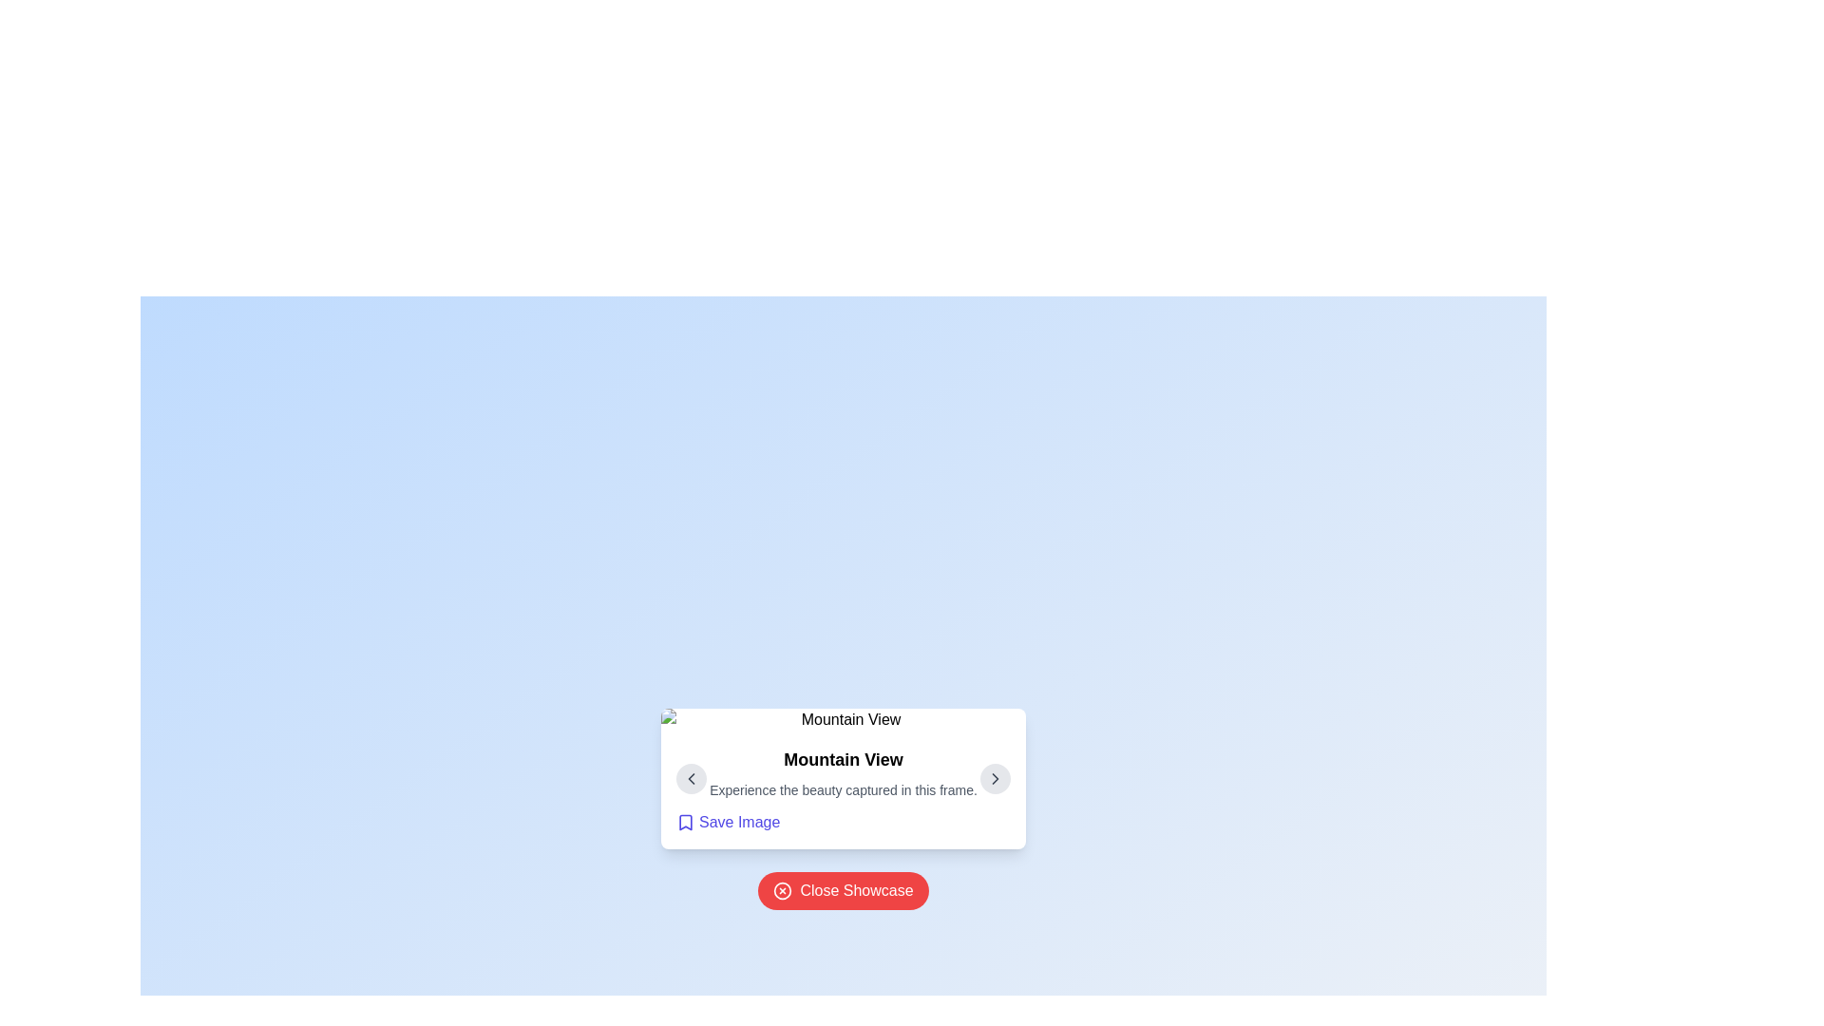 The height and width of the screenshot is (1026, 1824). What do you see at coordinates (994, 779) in the screenshot?
I see `the Chevron Right icon located within a circular button on the right side of the card layout near the title 'Mountain View'` at bounding box center [994, 779].